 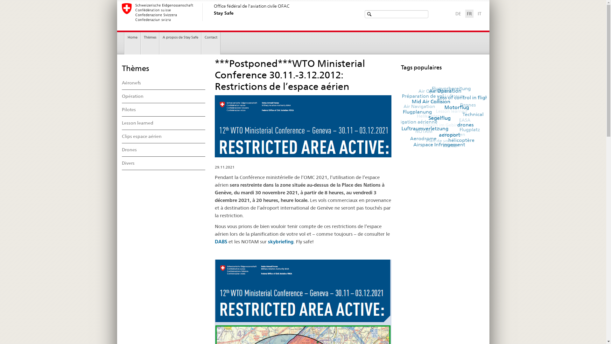 What do you see at coordinates (211, 43) in the screenshot?
I see `'Contact'` at bounding box center [211, 43].